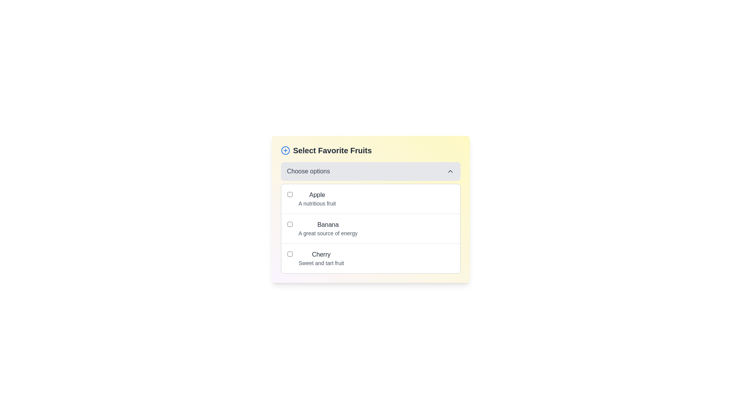 This screenshot has width=743, height=418. Describe the element at coordinates (370, 151) in the screenshot. I see `the plus icon embedded in the text label that serves as a header for selecting favorite fruits` at that location.